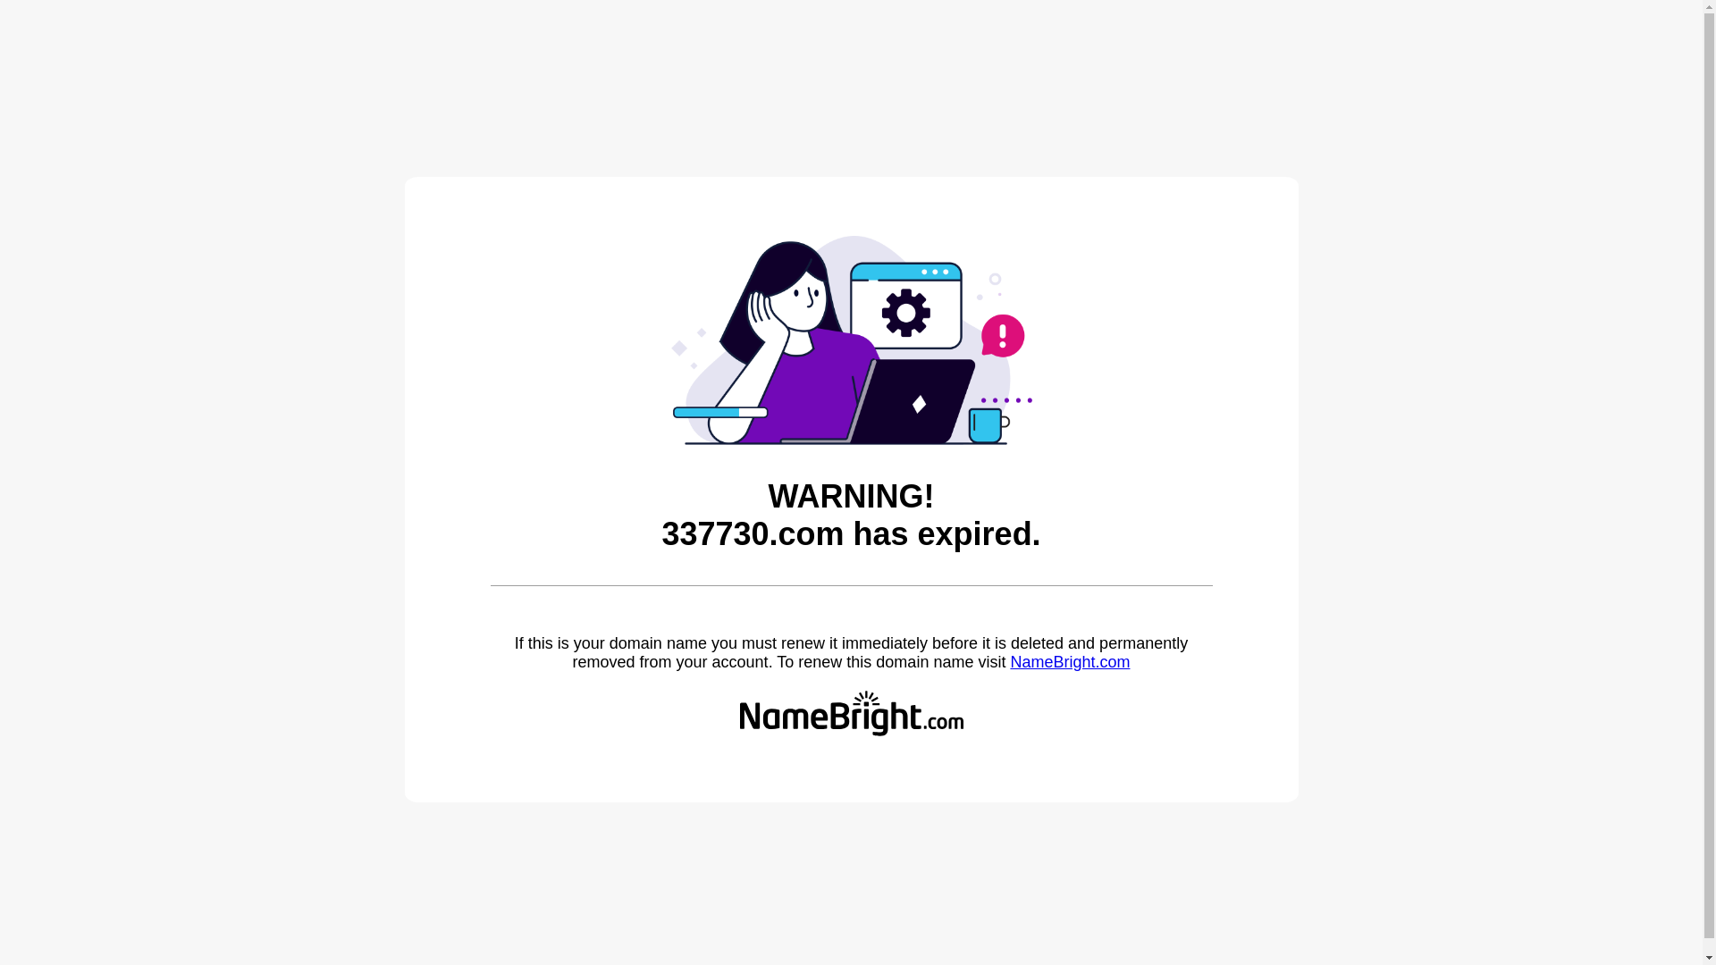 This screenshot has width=1716, height=965. I want to click on 'NameBright.com', so click(1069, 661).